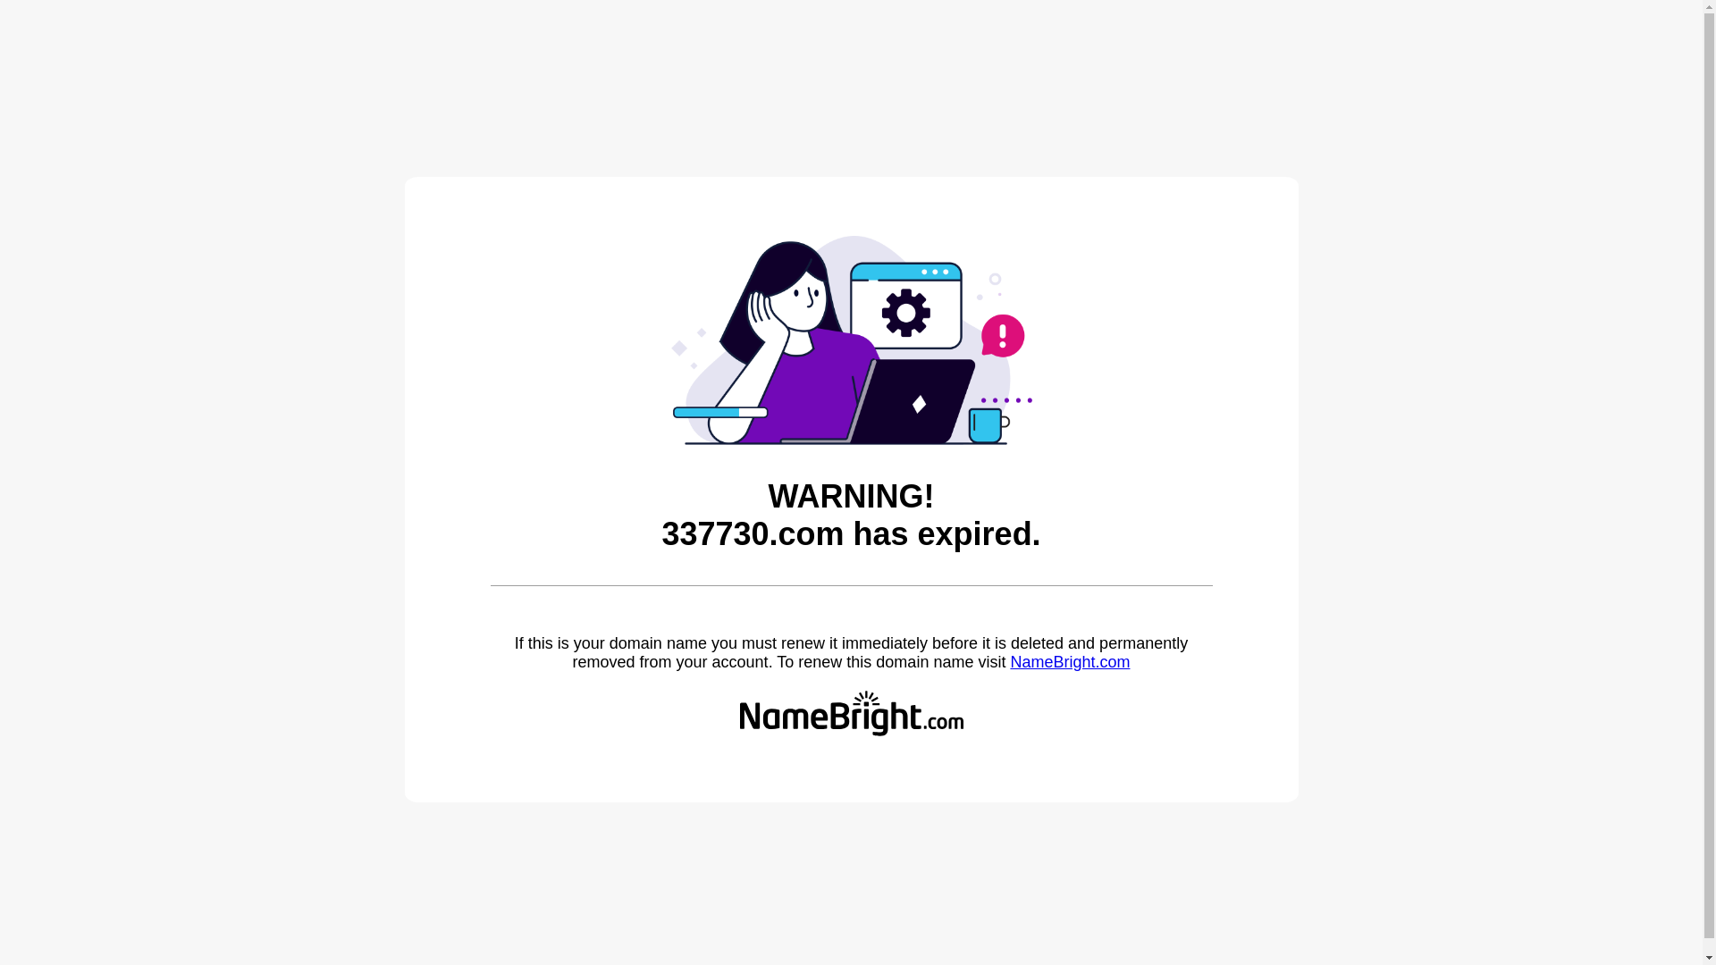 This screenshot has width=1716, height=965. I want to click on 'NameBright.com', so click(1069, 661).